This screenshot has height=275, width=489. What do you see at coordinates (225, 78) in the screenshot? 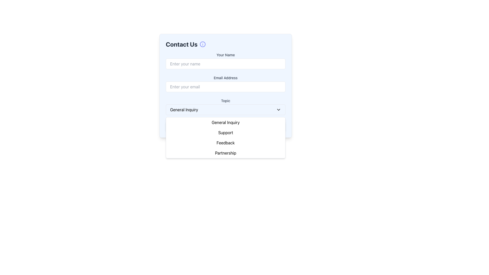
I see `the label that describes the email input field, located in the second section of the form interface, positioned above the corresponding input field` at bounding box center [225, 78].